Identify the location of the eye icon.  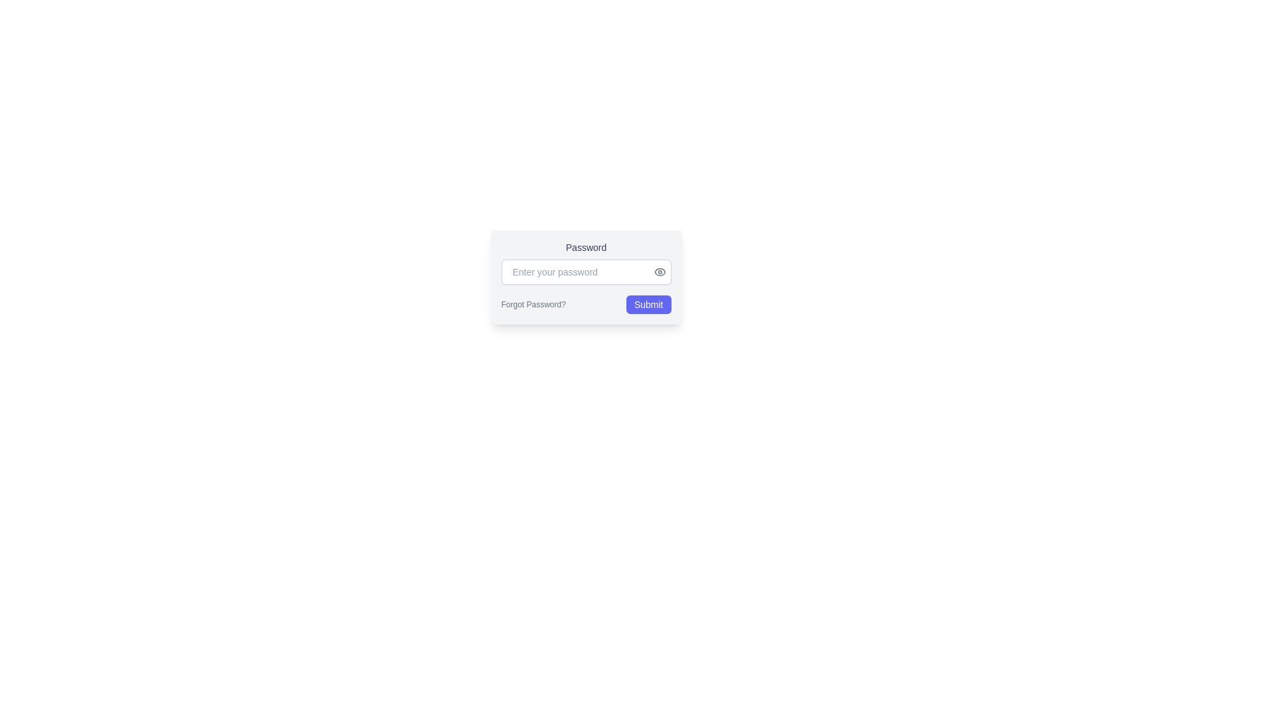
(660, 271).